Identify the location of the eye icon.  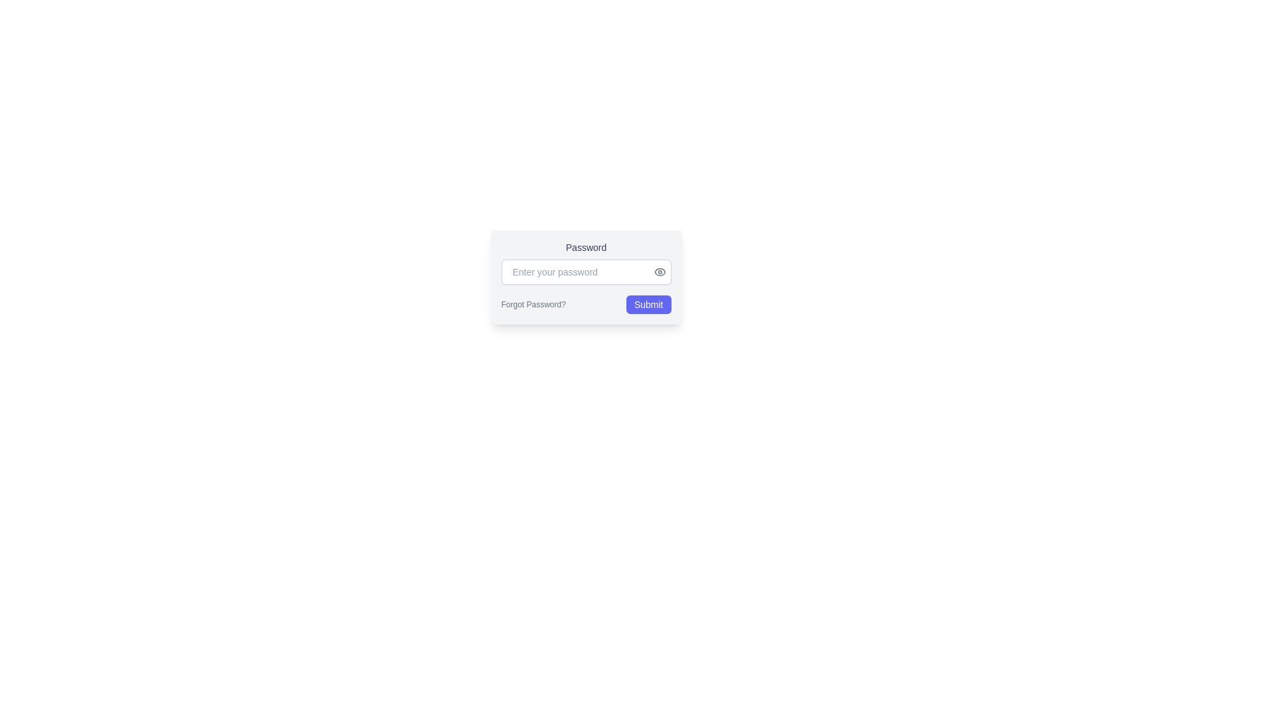
(660, 271).